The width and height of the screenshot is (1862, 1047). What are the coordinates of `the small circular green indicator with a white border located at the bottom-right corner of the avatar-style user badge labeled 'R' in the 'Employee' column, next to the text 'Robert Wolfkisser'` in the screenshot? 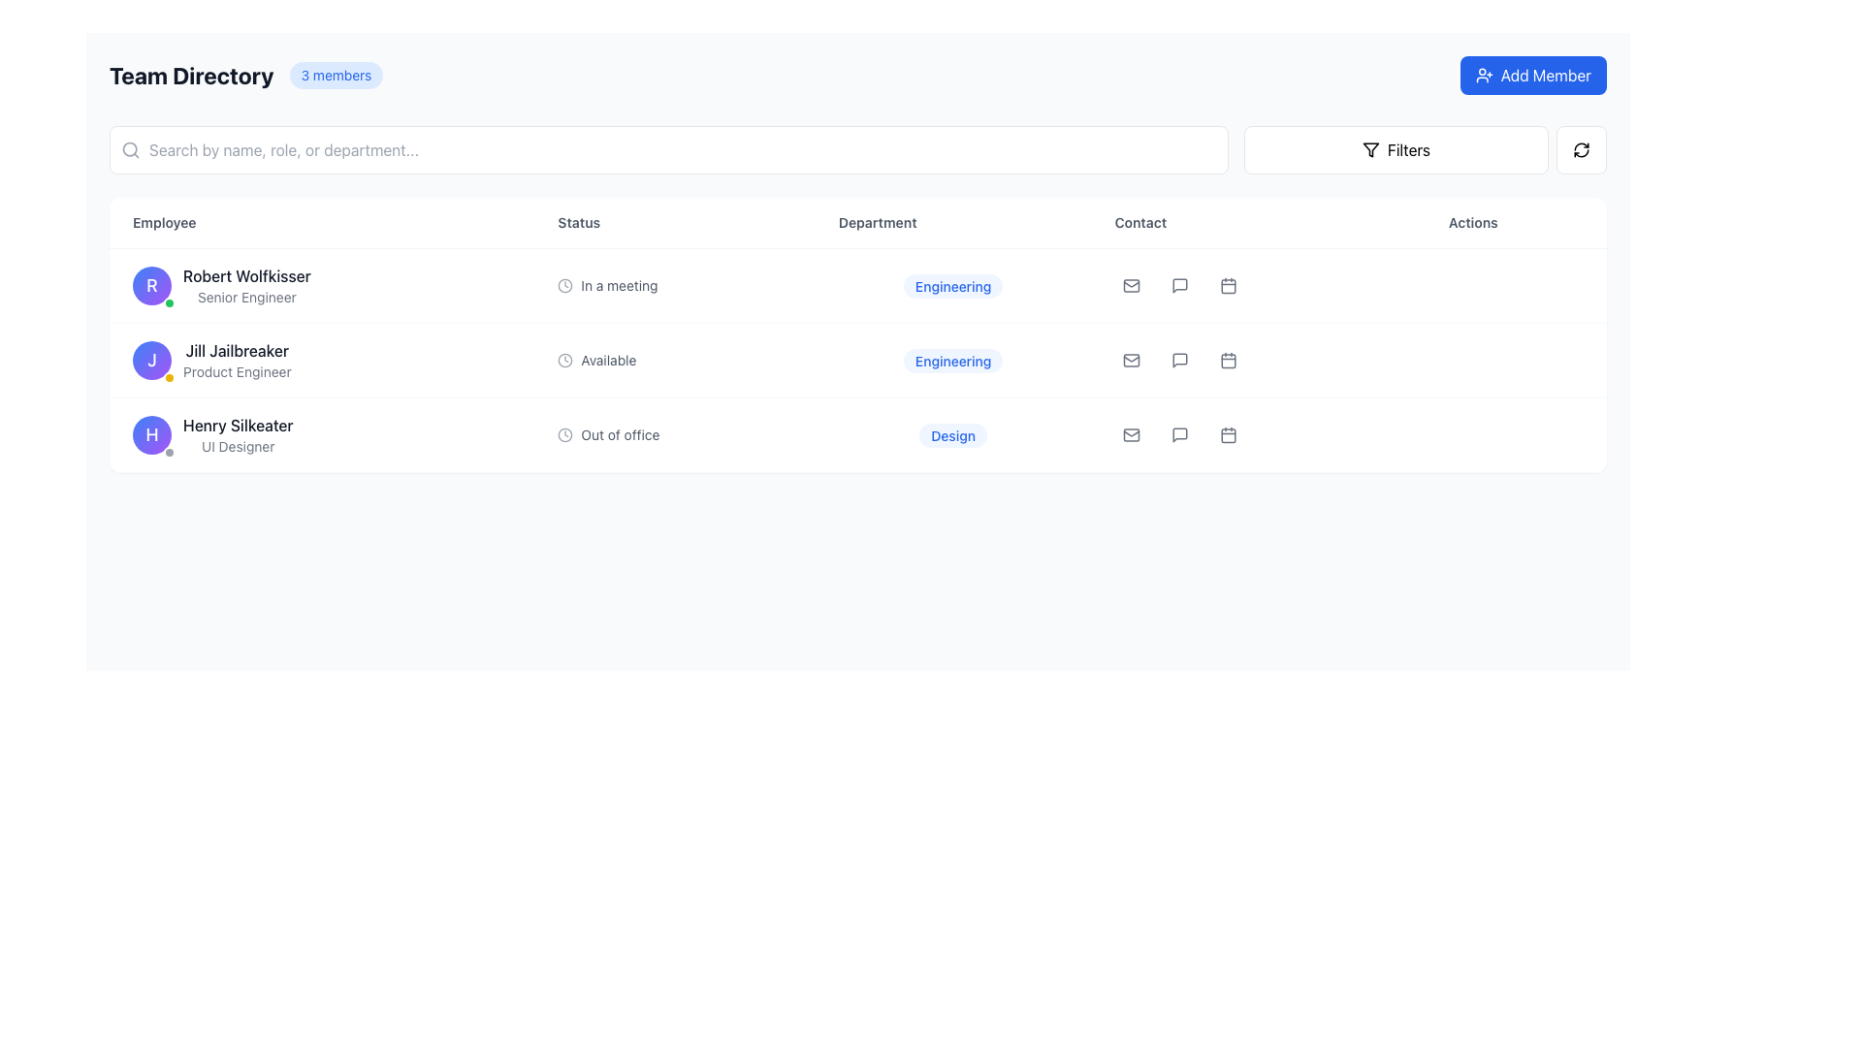 It's located at (169, 302).